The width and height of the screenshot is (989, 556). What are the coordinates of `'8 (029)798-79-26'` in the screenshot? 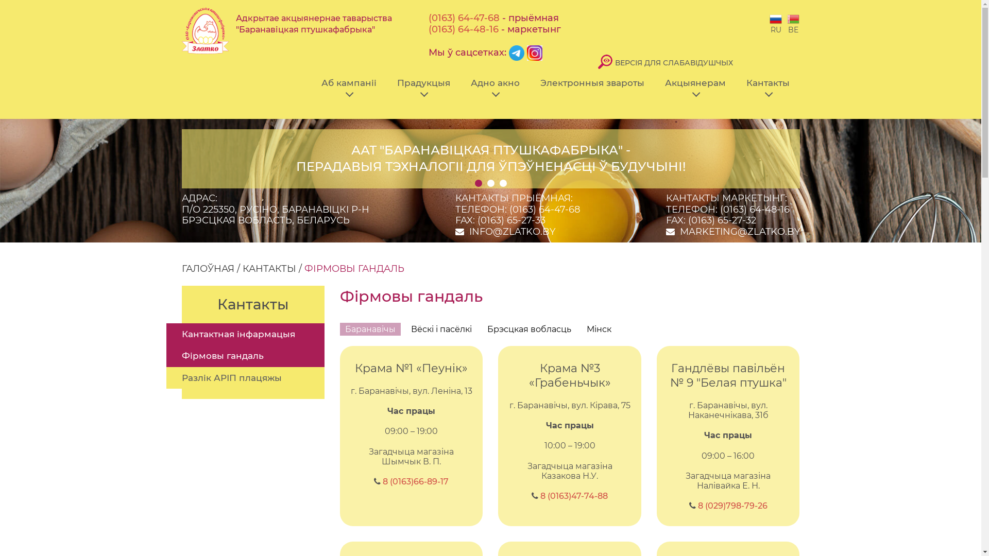 It's located at (732, 505).